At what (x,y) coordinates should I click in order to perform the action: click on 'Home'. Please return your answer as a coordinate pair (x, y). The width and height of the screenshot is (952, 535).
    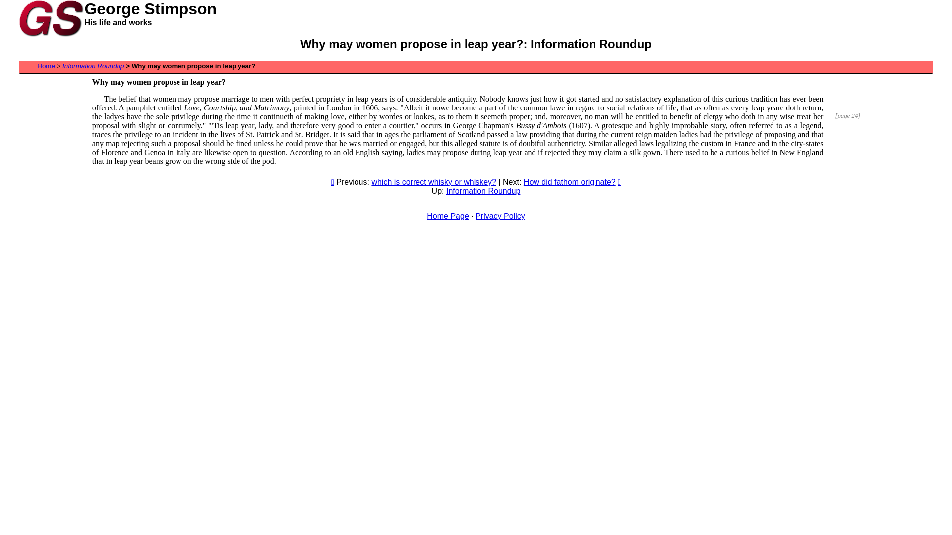
    Looking at the image, I should click on (45, 66).